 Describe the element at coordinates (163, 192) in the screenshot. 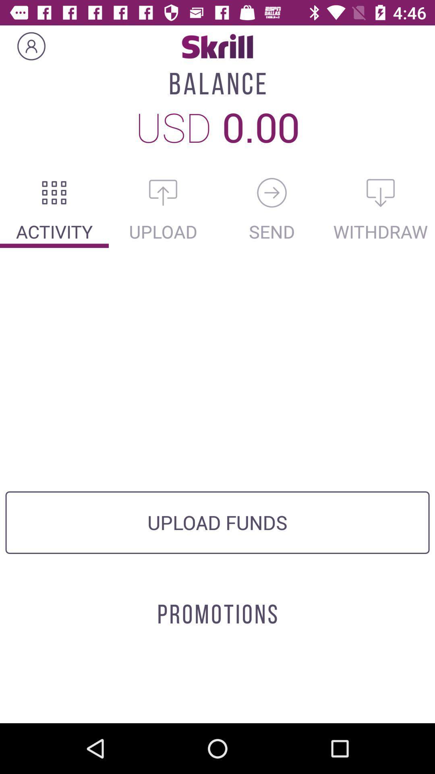

I see `upload` at that location.